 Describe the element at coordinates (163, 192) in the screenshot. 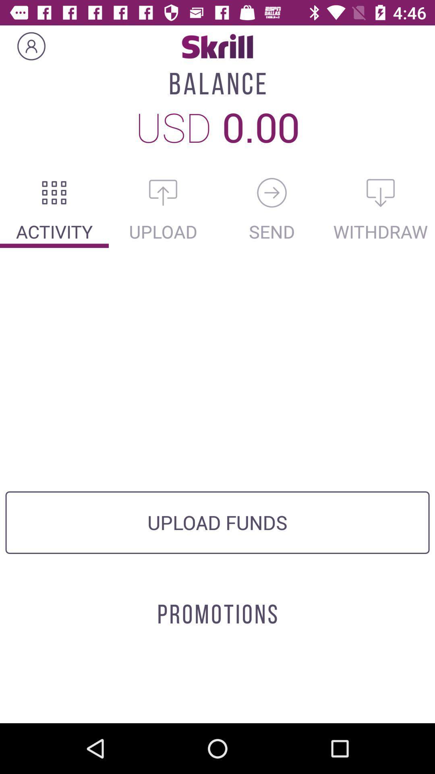

I see `upload` at that location.